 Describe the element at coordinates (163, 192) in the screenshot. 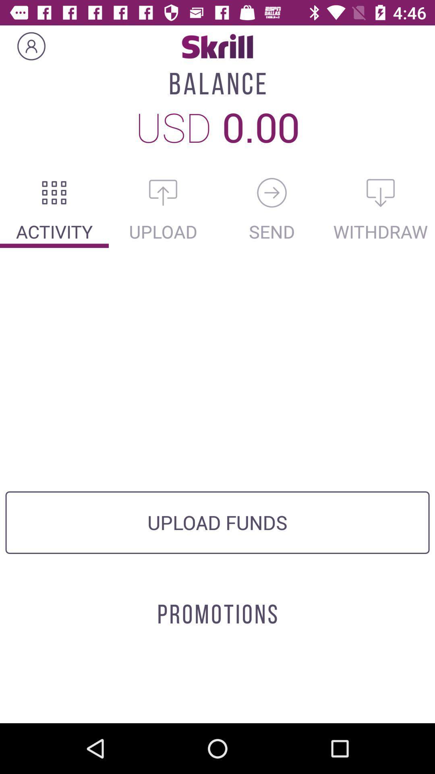

I see `upload` at that location.